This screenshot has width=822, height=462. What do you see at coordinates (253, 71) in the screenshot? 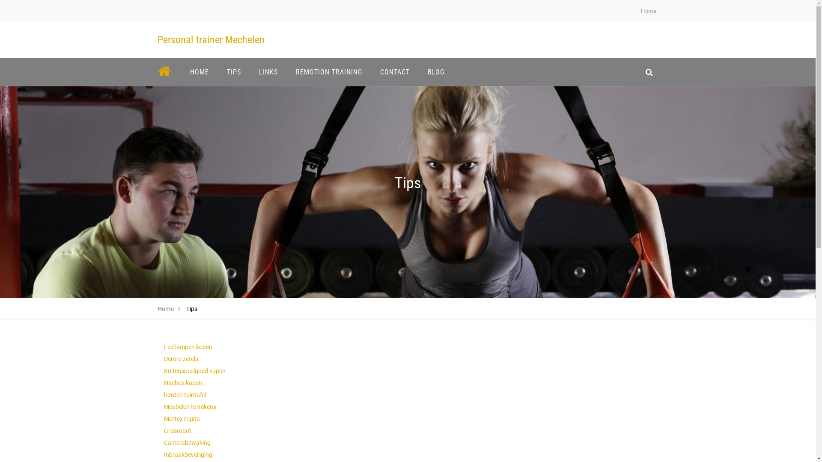
I see `'LINKS'` at bounding box center [253, 71].